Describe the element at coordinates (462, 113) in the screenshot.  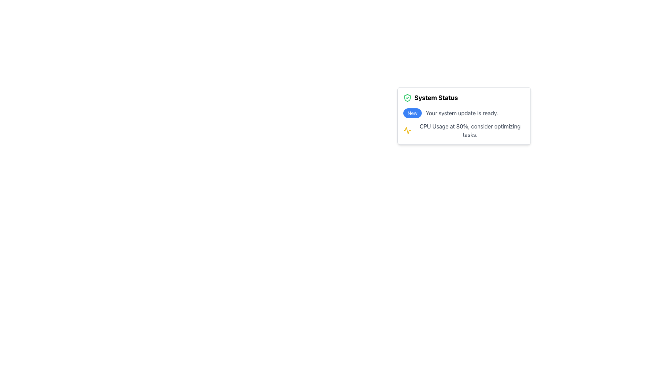
I see `the main message static text that informs users about a system update, located in the middle section of the 'System Status' card, to the right of the 'New' badge and above the CPU usage text` at that location.